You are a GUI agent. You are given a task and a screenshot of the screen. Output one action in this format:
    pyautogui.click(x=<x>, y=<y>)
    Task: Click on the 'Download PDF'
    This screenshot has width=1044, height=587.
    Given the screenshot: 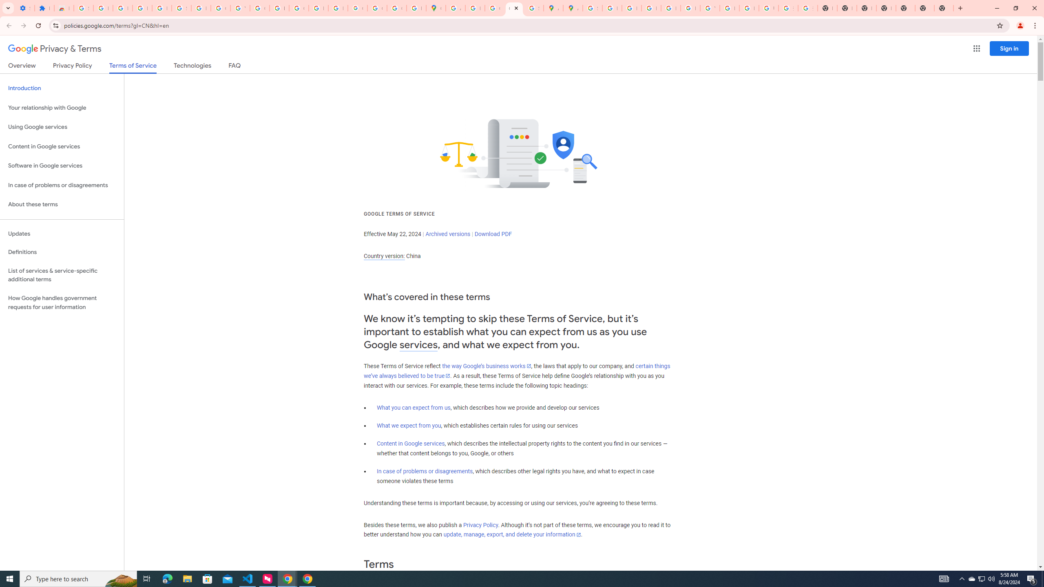 What is the action you would take?
    pyautogui.click(x=493, y=233)
    